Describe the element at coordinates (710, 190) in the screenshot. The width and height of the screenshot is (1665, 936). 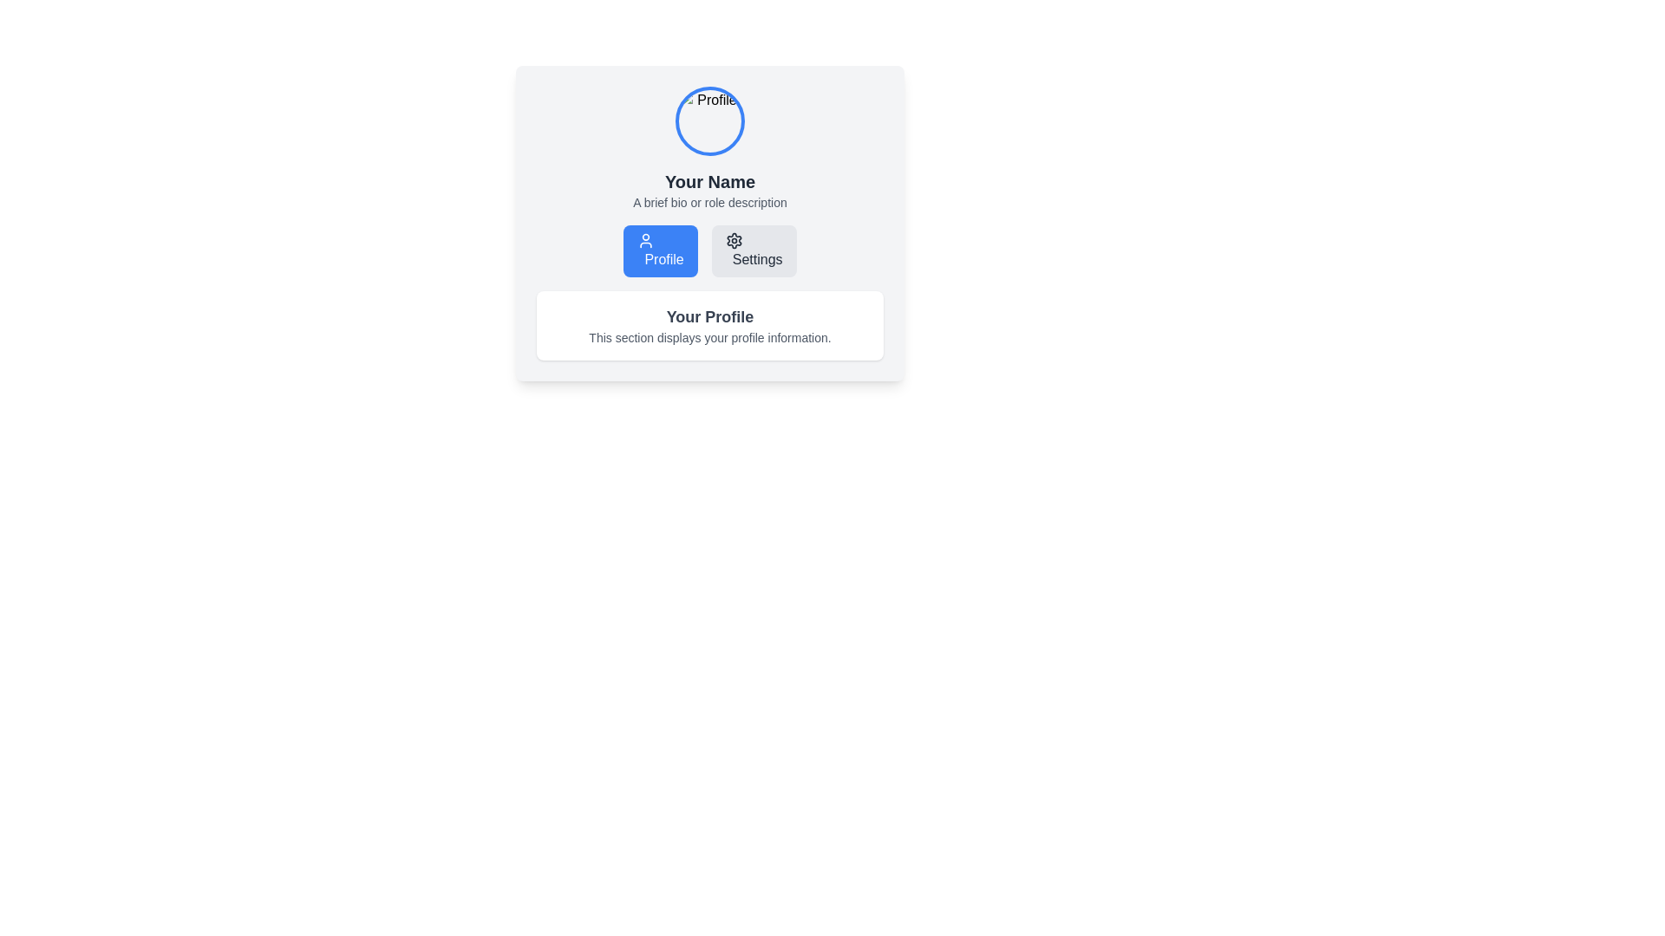
I see `the Text display component that shows the user's name and bio, located centrally below the profile image` at that location.